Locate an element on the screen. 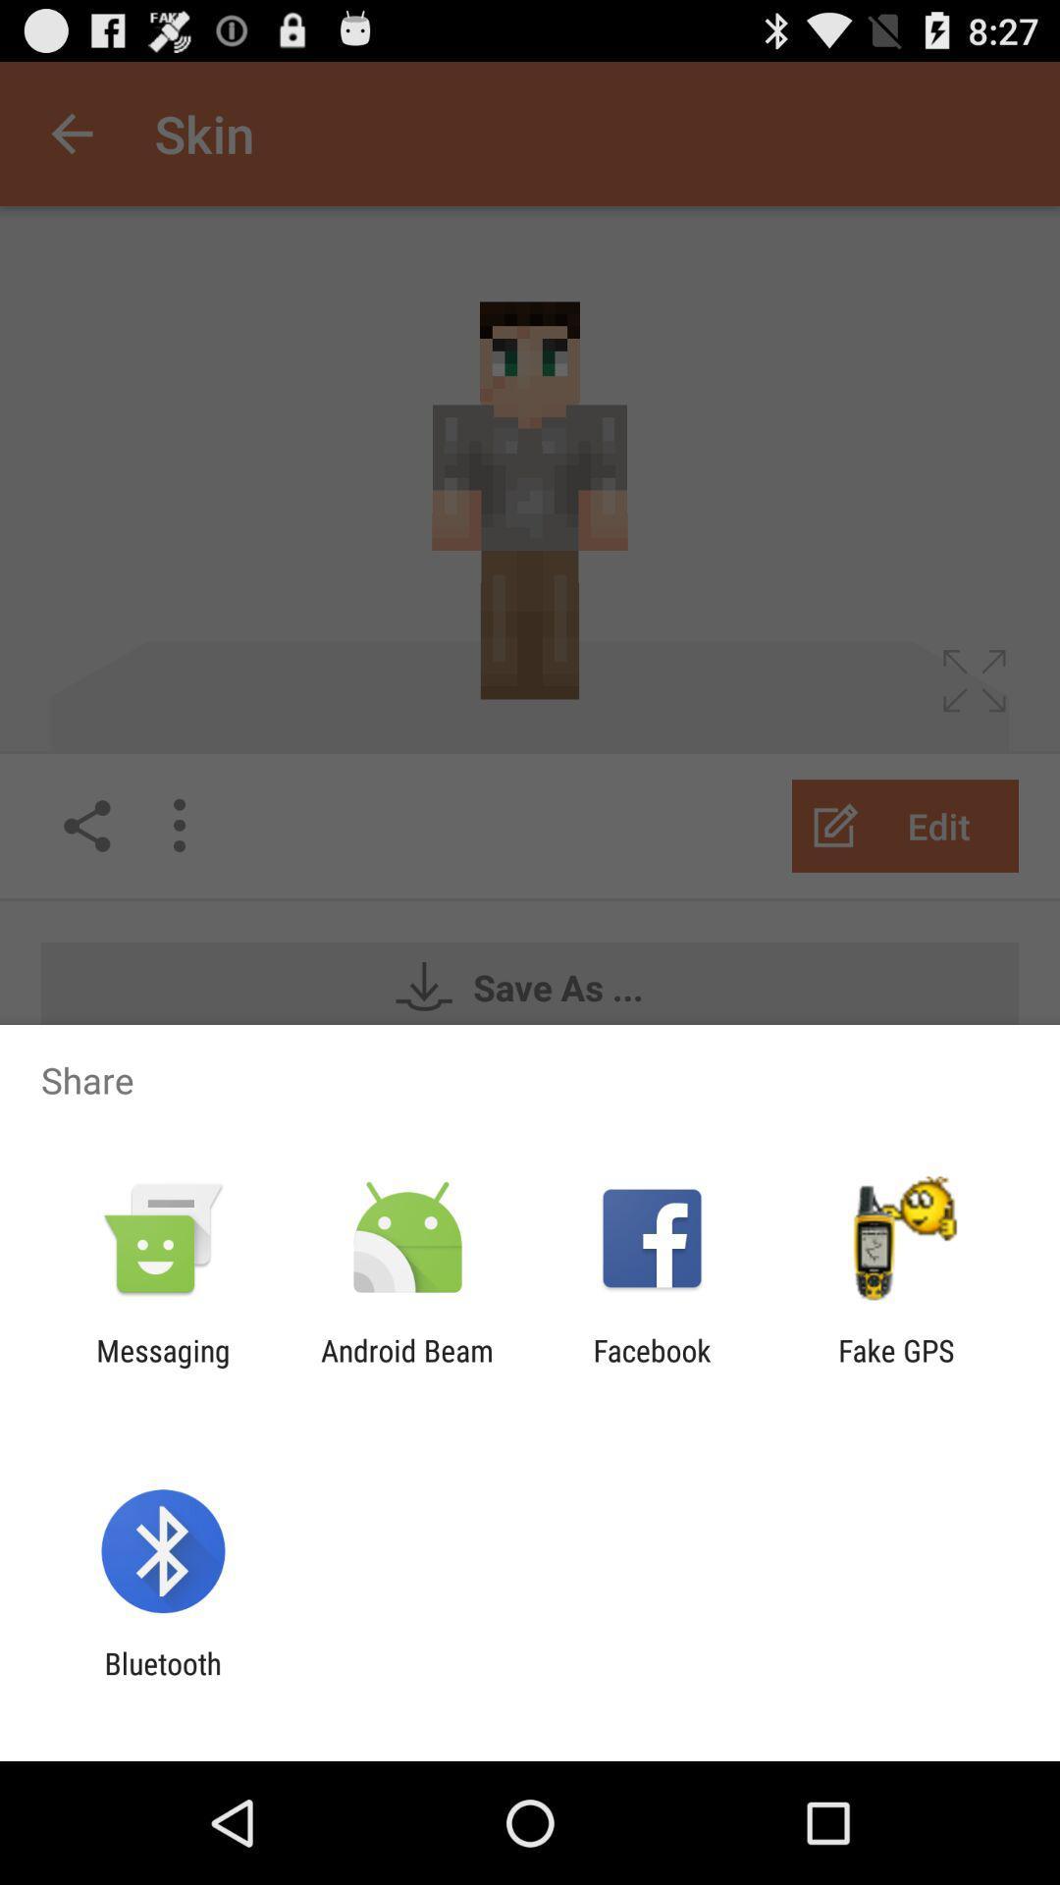 This screenshot has height=1885, width=1060. icon next to facebook app is located at coordinates (896, 1367).